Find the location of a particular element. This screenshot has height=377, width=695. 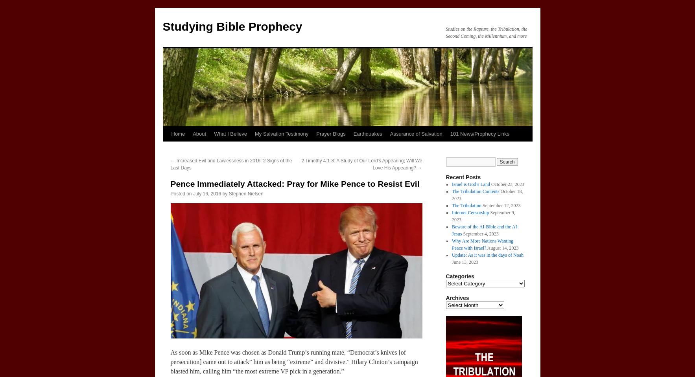

'Archives' is located at coordinates (457, 298).